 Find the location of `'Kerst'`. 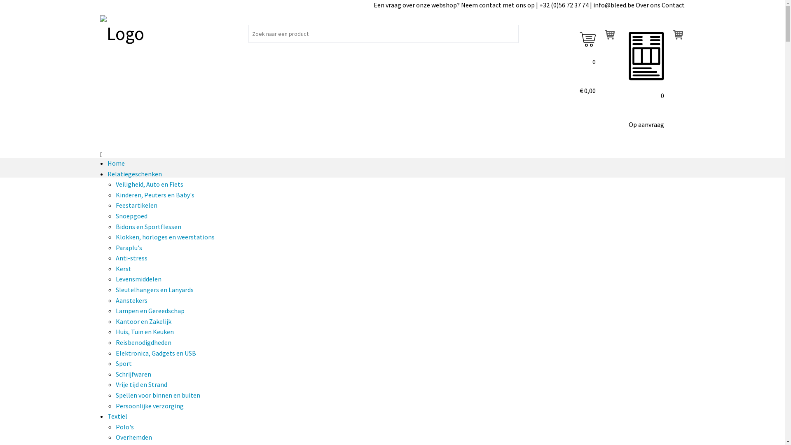

'Kerst' is located at coordinates (123, 268).